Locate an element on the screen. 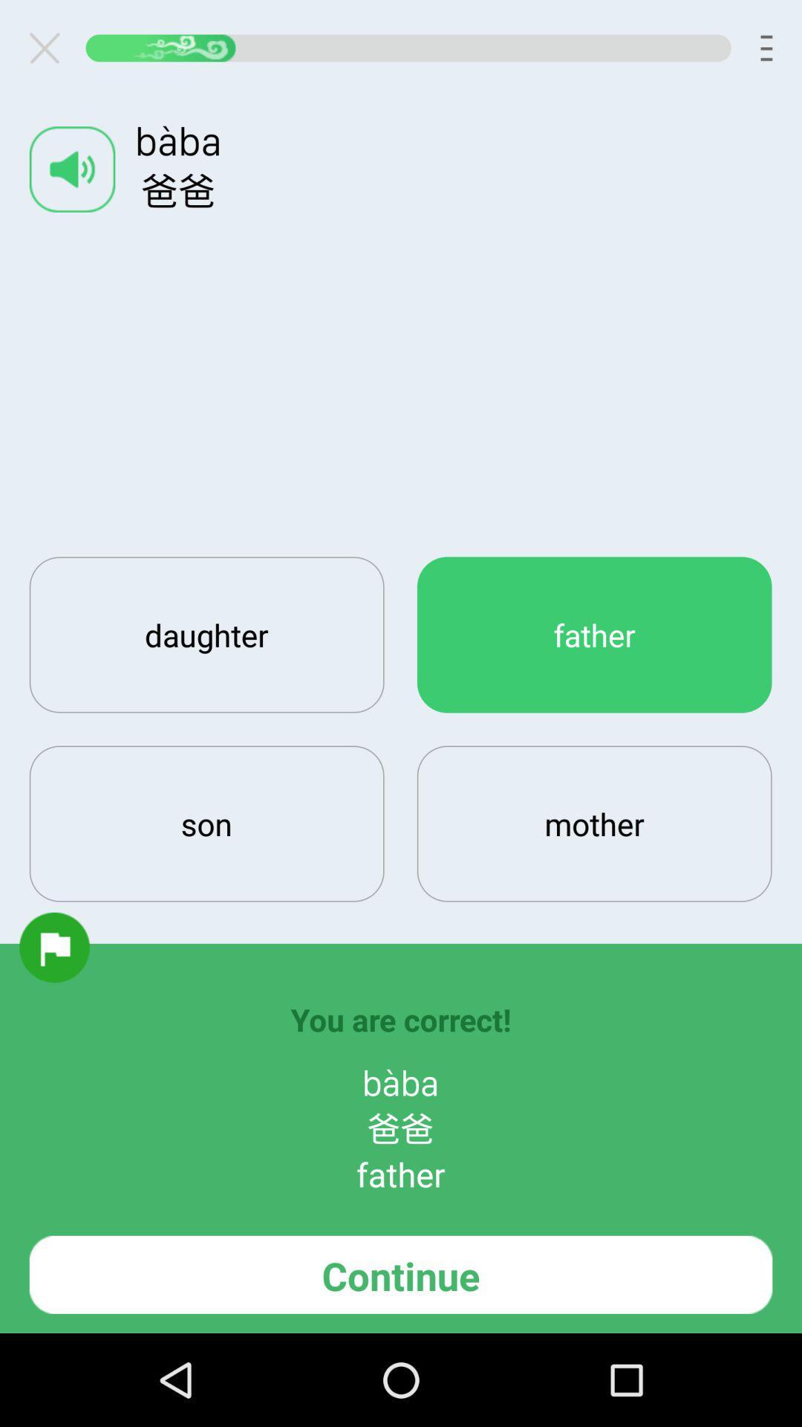  to close the page is located at coordinates (50, 48).